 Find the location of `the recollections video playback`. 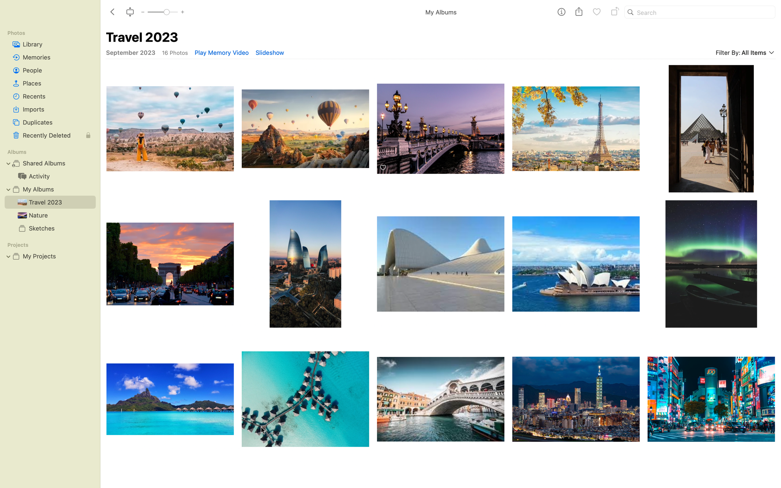

the recollections video playback is located at coordinates (221, 52).